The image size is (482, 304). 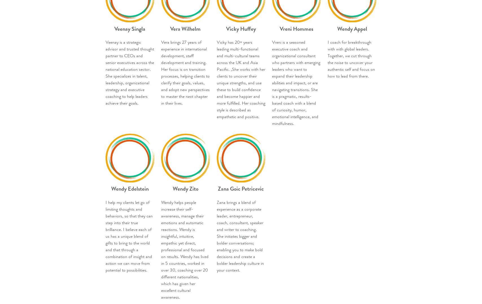 I want to click on 'Veenay is a strategic advisor and trusted thought partner to CEOs and senior executives across the national education sector. She specializes in talent, leadership, organizational strategy and executive coaching to help leaders achieve their goals.', so click(x=130, y=72).